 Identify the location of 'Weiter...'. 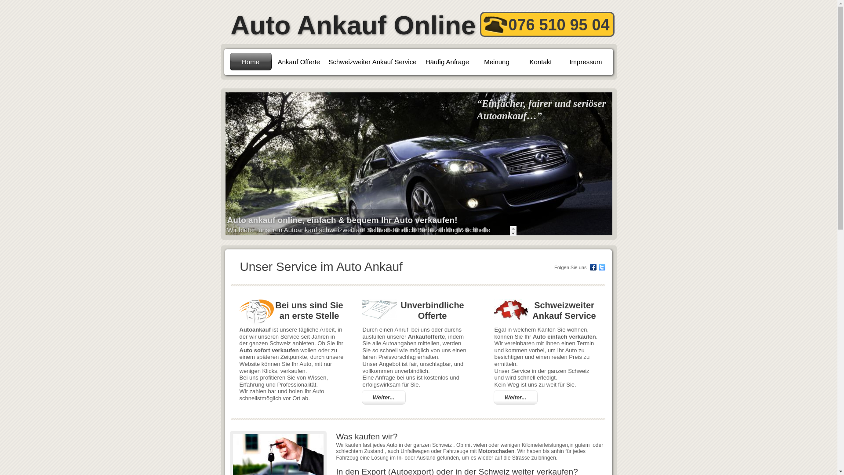
(515, 397).